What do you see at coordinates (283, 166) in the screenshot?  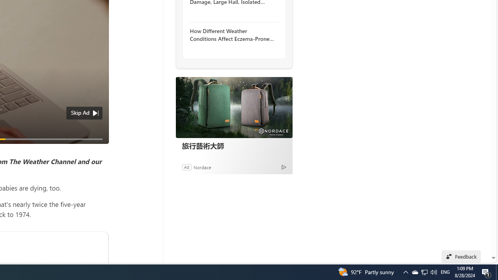 I see `'Ad Choice'` at bounding box center [283, 166].